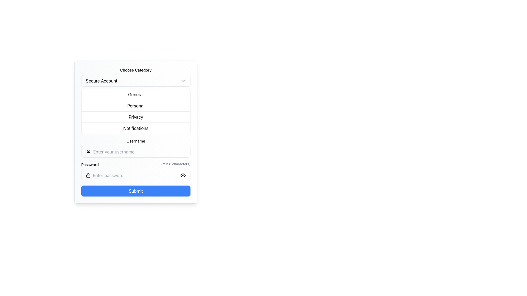  I want to click on the 'Privacy' button, which is the third button in a vertical list of four buttons, so click(136, 116).